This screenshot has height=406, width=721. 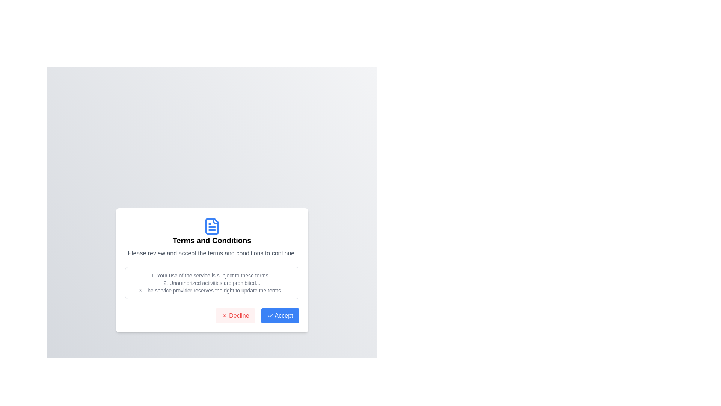 What do you see at coordinates (211, 226) in the screenshot?
I see `the Decorative icon resembling a file with textual lines, which is located prominently above the 'Terms and Conditions' text` at bounding box center [211, 226].